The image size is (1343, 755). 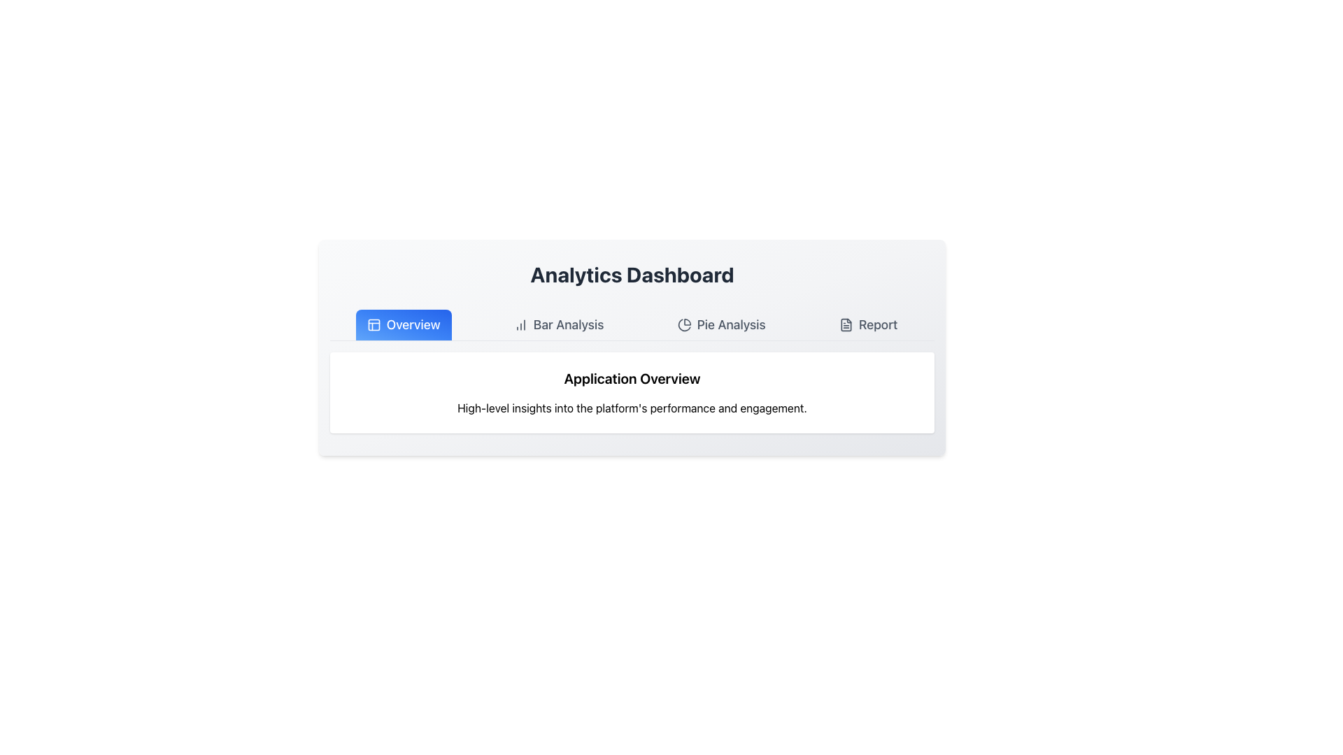 I want to click on text from the header indicating 'Analytics Dashboard', which is located at the top of the interface above the navigation options, so click(x=631, y=275).